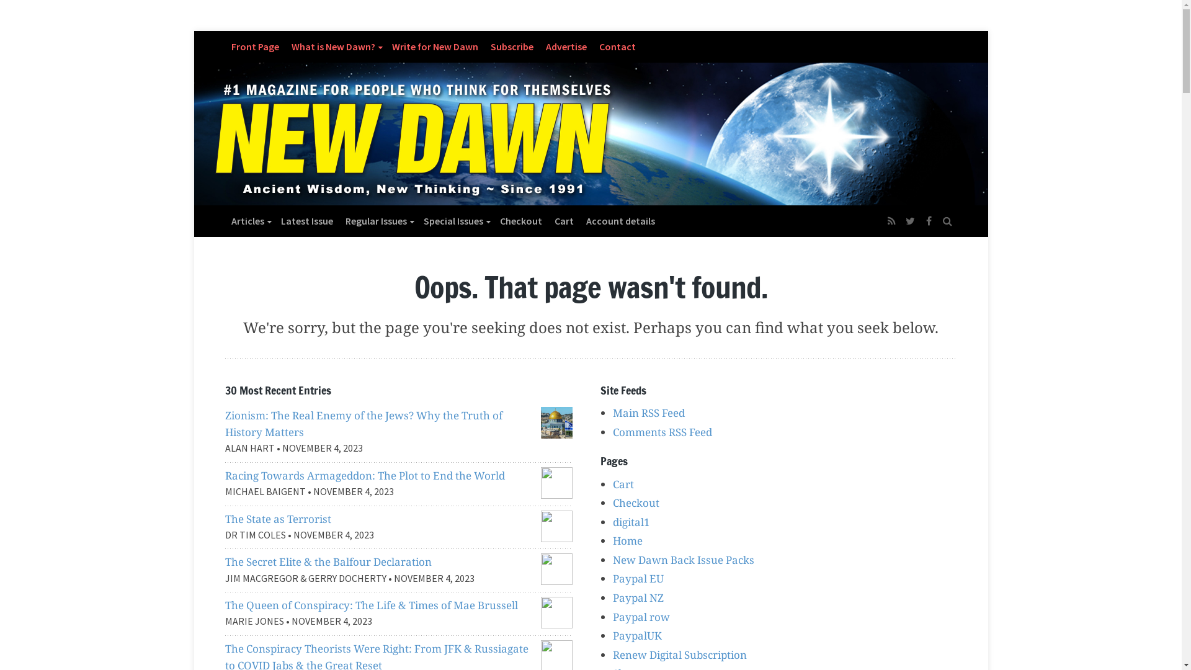 Image resolution: width=1191 pixels, height=670 pixels. What do you see at coordinates (890, 220) in the screenshot?
I see `'RSS Feed'` at bounding box center [890, 220].